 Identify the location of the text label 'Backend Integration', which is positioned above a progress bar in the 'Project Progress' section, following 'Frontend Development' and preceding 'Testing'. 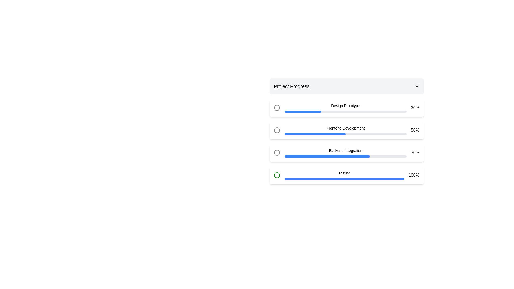
(346, 153).